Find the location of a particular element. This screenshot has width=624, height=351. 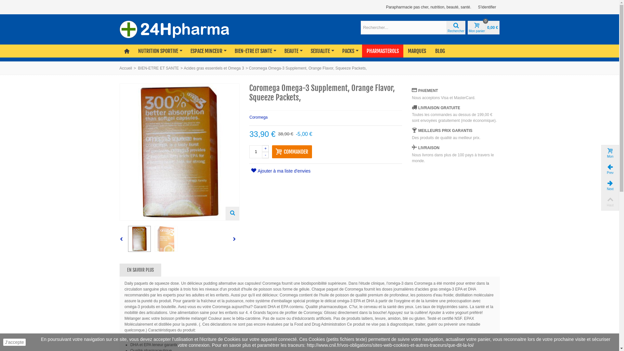

'COMMANDER' is located at coordinates (292, 151).